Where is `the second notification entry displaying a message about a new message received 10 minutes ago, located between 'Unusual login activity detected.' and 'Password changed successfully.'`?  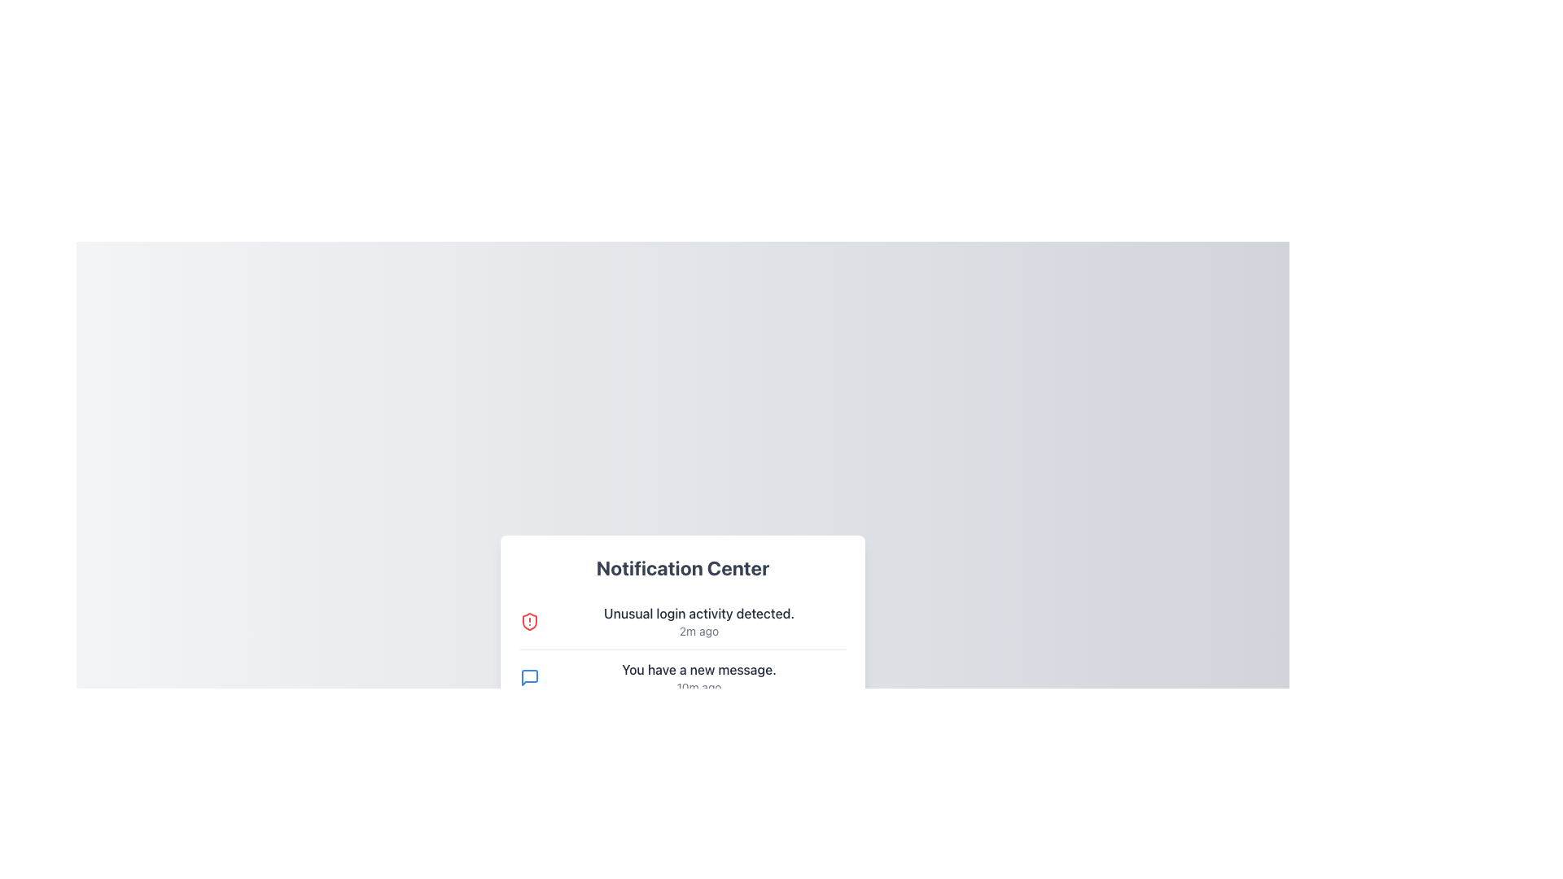
the second notification entry displaying a message about a new message received 10 minutes ago, located between 'Unusual login activity detected.' and 'Password changed successfully.' is located at coordinates (683, 677).